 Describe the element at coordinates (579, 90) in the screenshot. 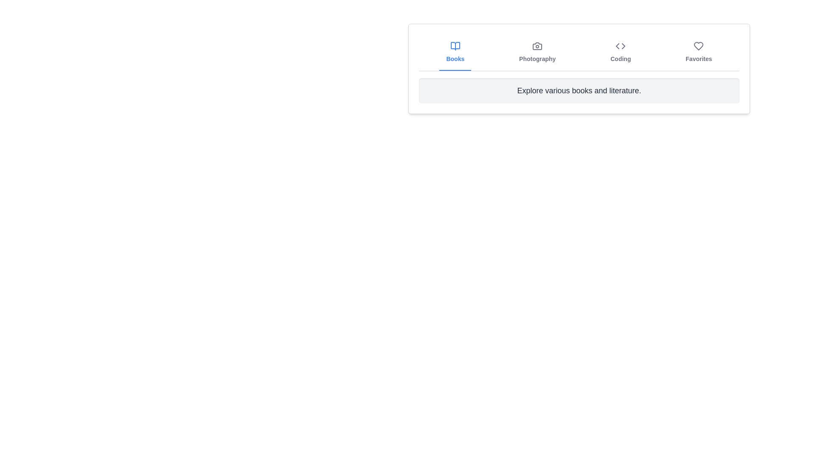

I see `the text label that reads 'Explore various books and literature.' styled in dark gray color, located centrally within a light gray background card below the horizontal menu` at that location.